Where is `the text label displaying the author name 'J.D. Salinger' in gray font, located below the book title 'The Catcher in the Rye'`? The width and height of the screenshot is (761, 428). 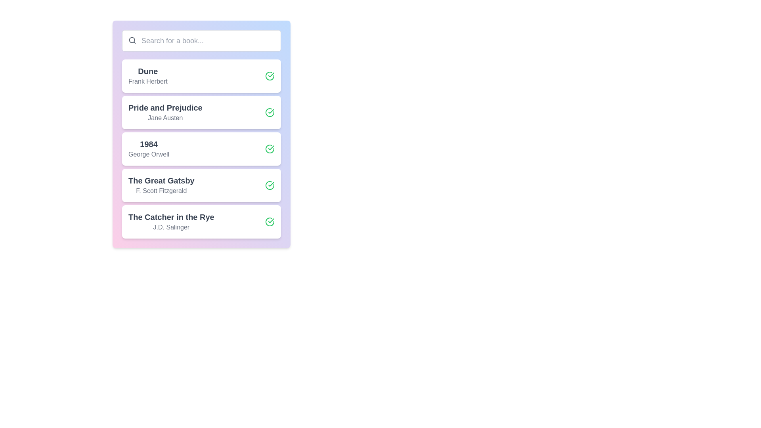
the text label displaying the author name 'J.D. Salinger' in gray font, located below the book title 'The Catcher in the Rye' is located at coordinates (171, 227).